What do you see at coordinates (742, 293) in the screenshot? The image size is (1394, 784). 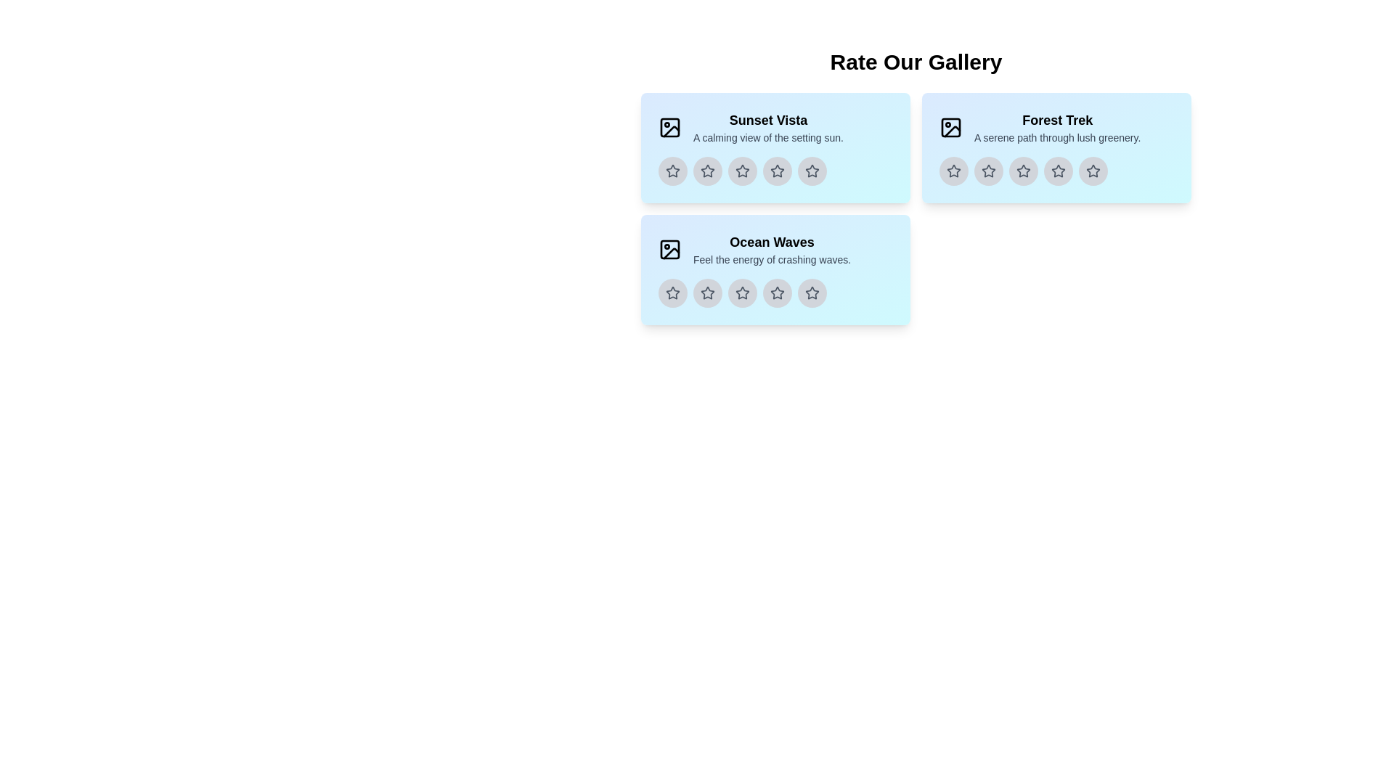 I see `the circular button styled with a gray background and a star icon` at bounding box center [742, 293].